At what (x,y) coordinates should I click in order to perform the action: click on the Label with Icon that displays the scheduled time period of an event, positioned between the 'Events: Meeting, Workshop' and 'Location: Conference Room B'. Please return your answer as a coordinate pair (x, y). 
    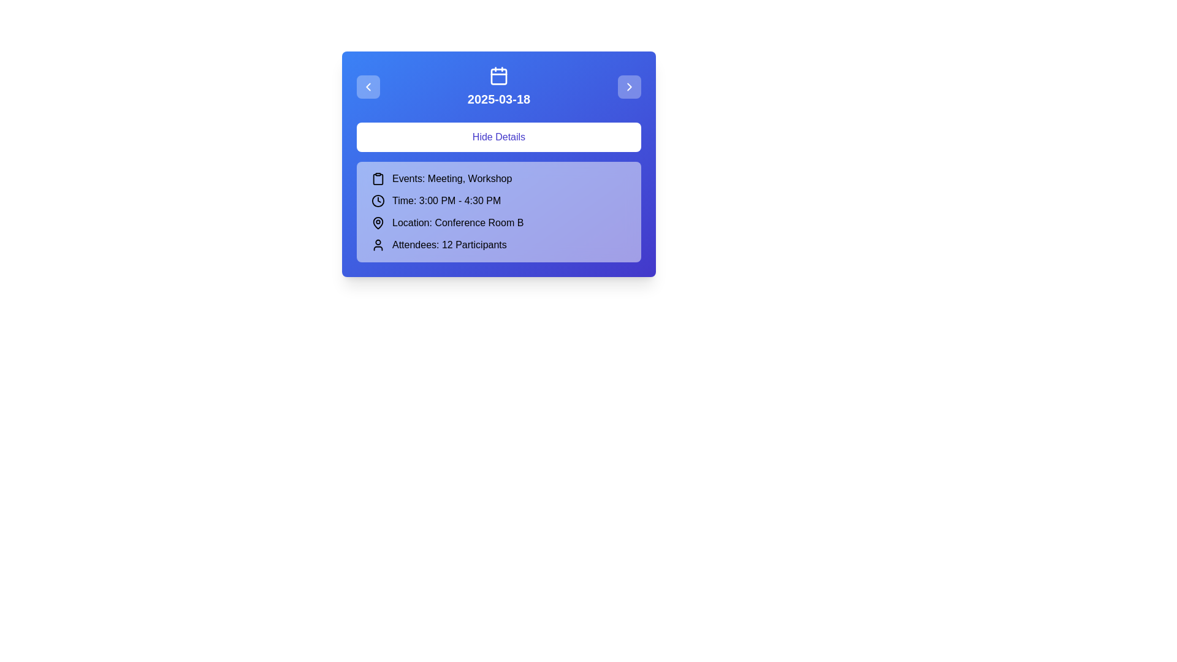
    Looking at the image, I should click on (499, 200).